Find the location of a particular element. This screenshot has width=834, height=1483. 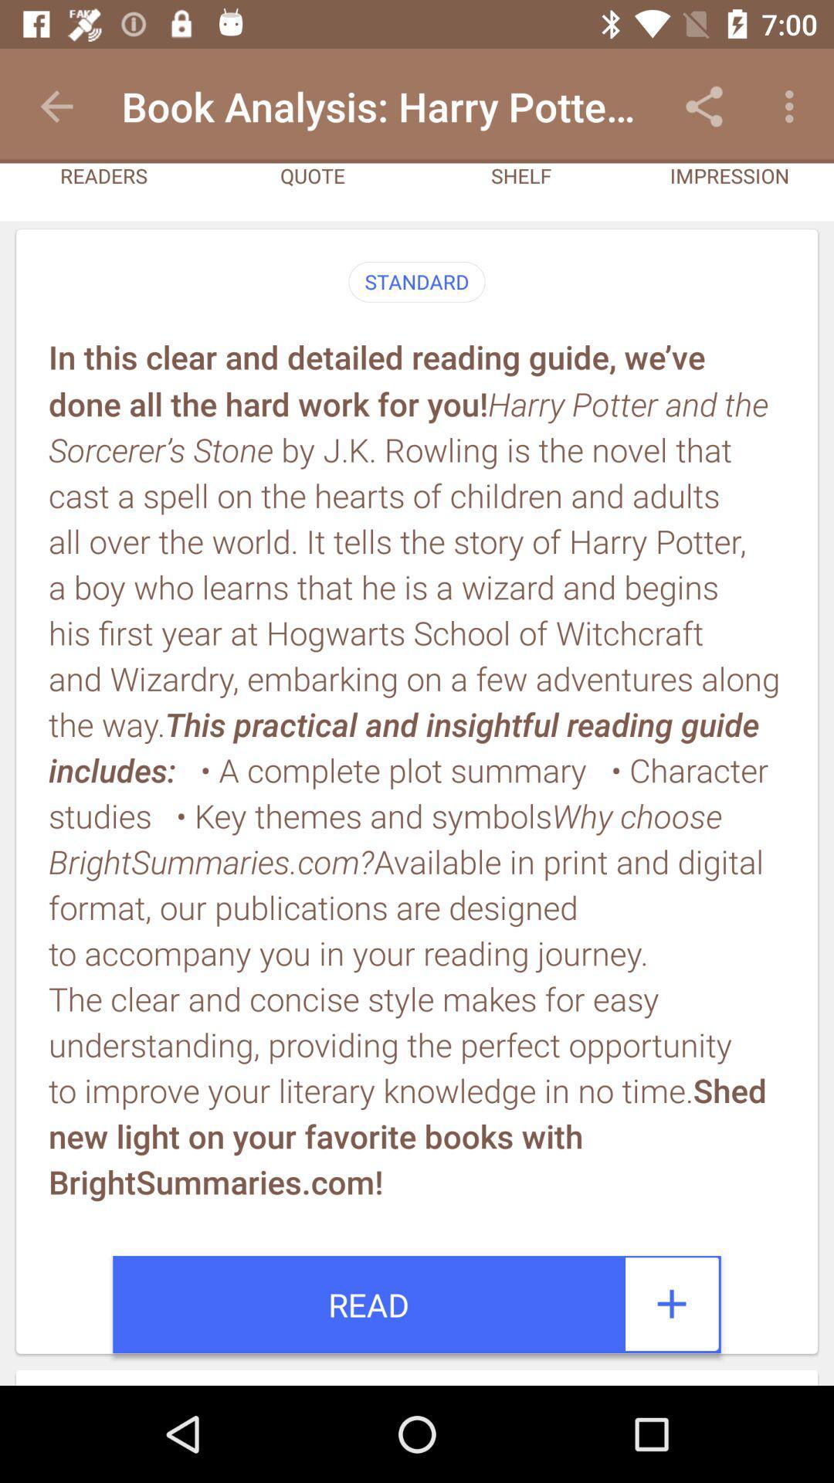

the share icon is located at coordinates (703, 106).